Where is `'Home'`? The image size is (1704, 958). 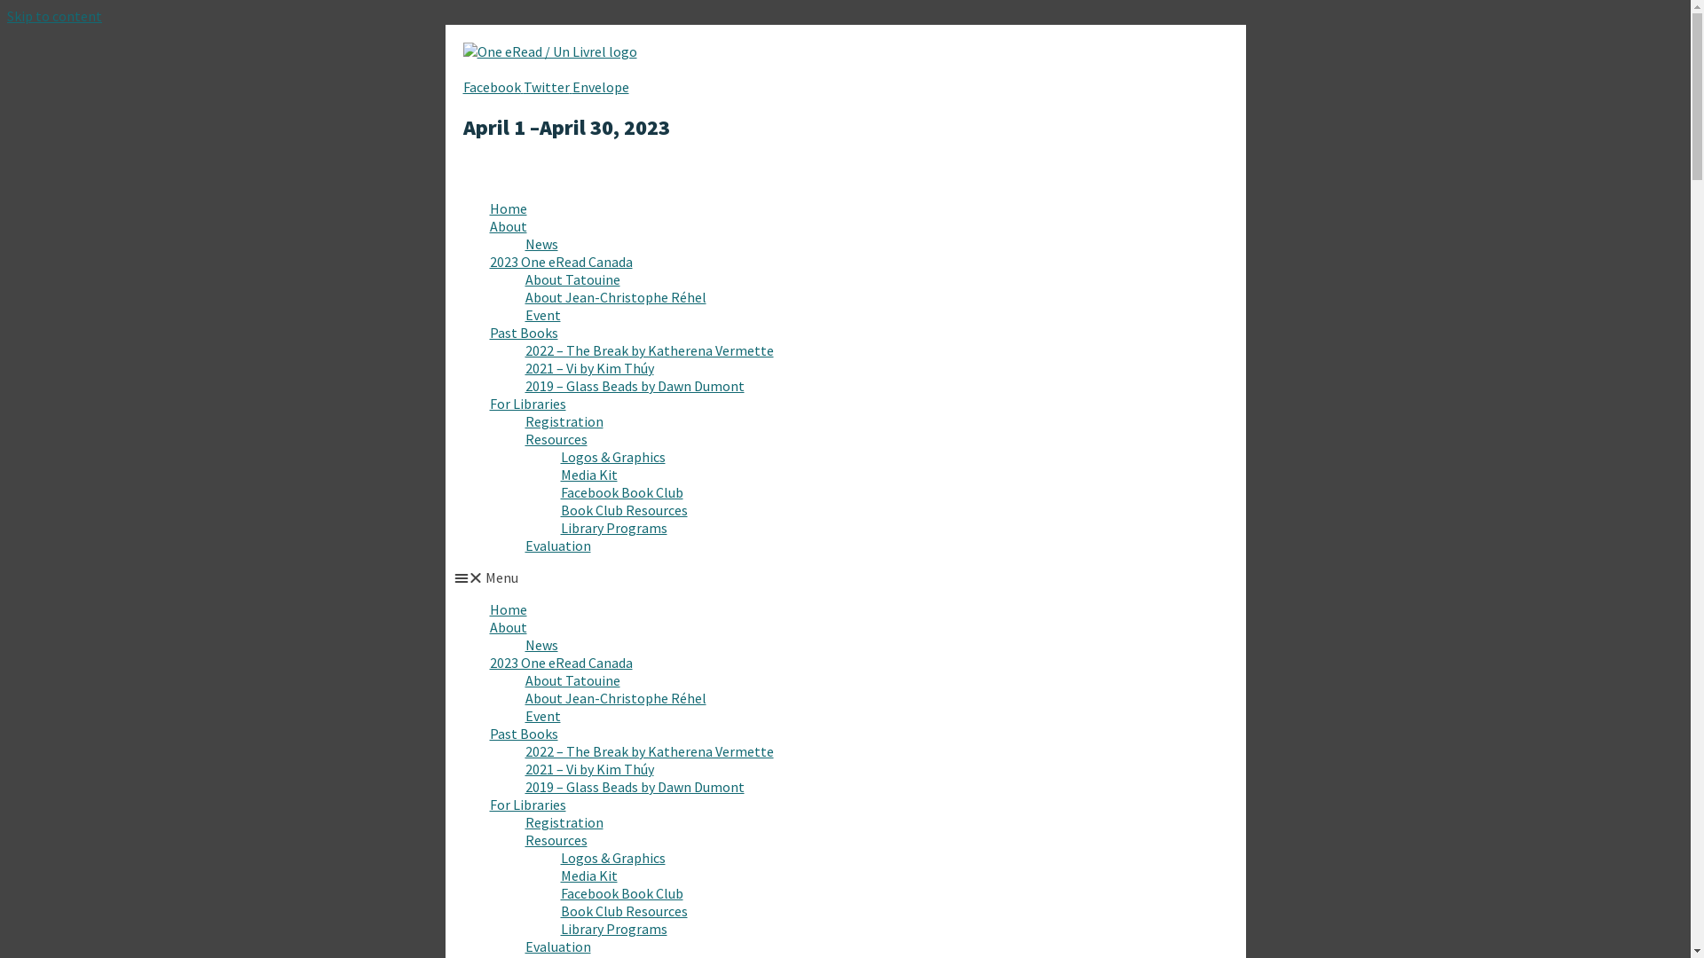 'Home' is located at coordinates (507, 208).